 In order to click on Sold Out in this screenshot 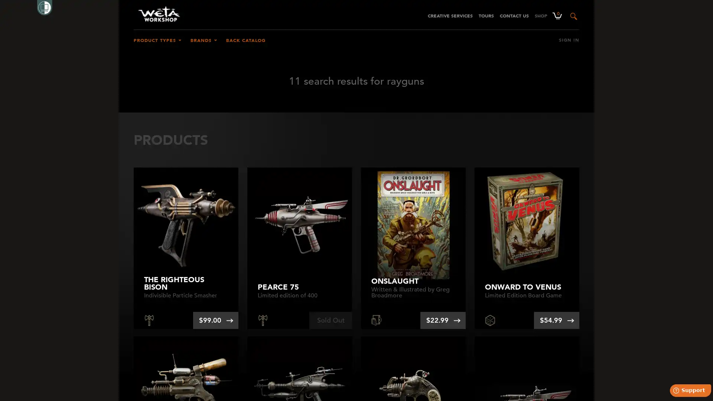, I will do `click(330, 320)`.